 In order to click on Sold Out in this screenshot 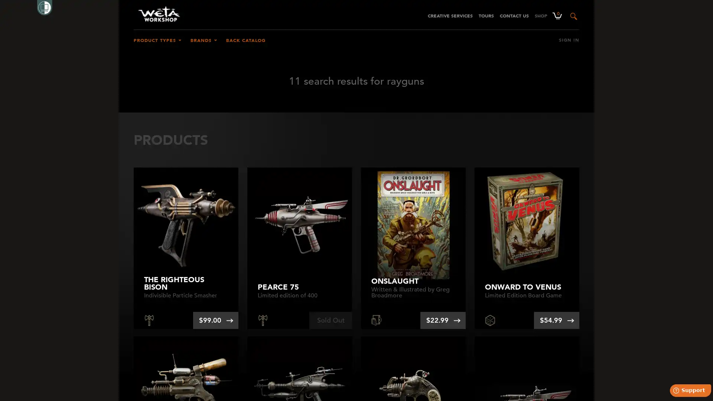, I will do `click(330, 320)`.